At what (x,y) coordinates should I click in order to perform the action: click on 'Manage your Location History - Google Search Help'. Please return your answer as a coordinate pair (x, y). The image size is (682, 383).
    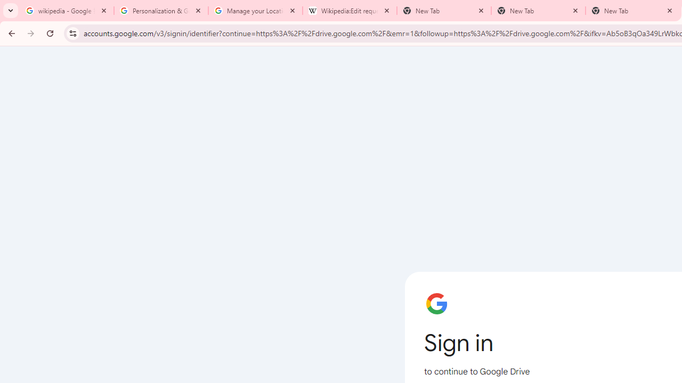
    Looking at the image, I should click on (255, 11).